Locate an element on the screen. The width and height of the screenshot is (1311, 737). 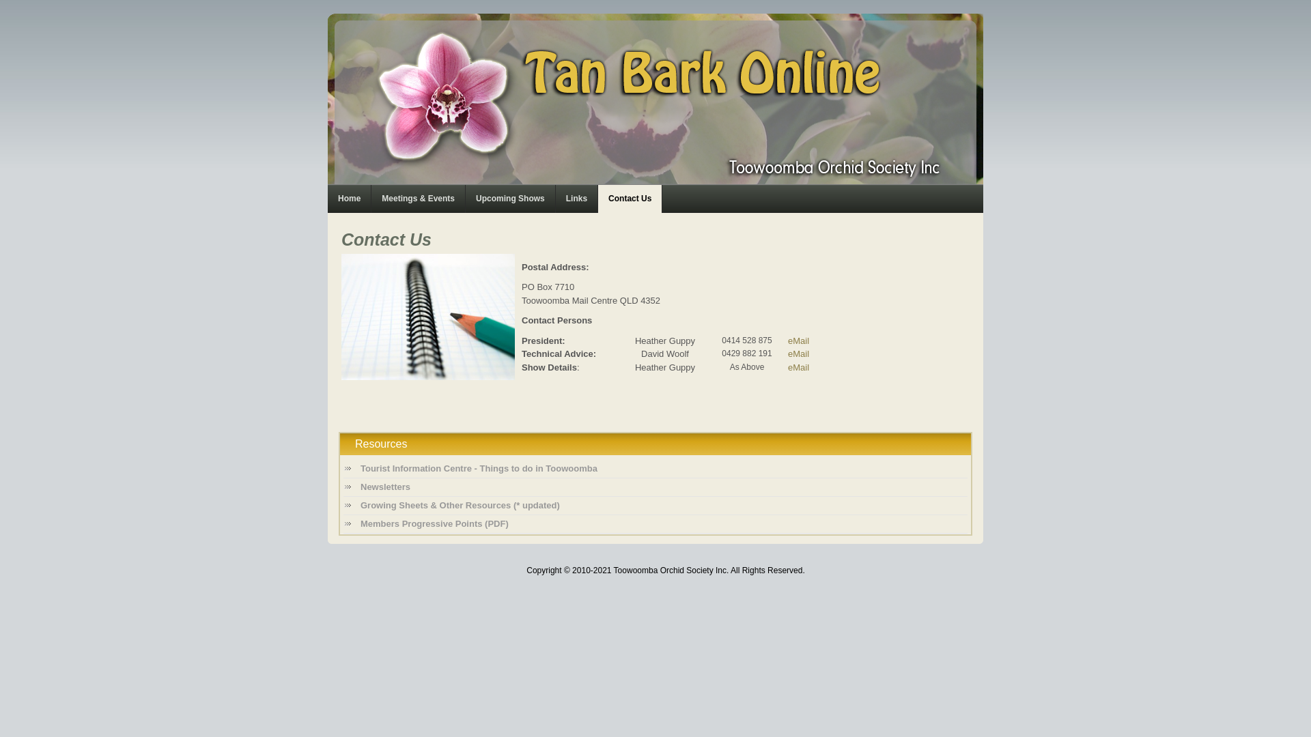
'Contact Us' is located at coordinates (629, 199).